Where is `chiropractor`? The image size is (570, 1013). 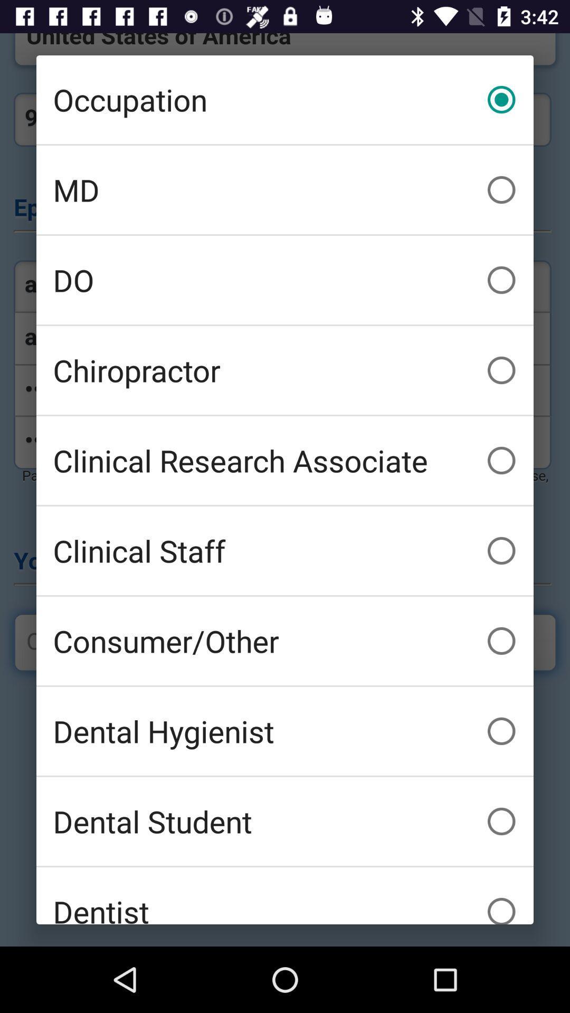 chiropractor is located at coordinates (285, 370).